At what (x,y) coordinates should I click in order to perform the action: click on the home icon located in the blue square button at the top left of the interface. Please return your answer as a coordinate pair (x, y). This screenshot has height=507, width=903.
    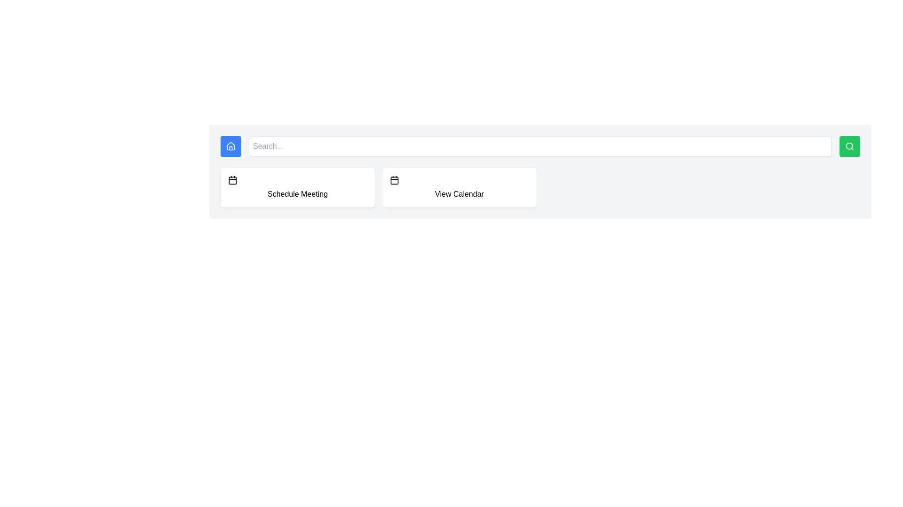
    Looking at the image, I should click on (230, 146).